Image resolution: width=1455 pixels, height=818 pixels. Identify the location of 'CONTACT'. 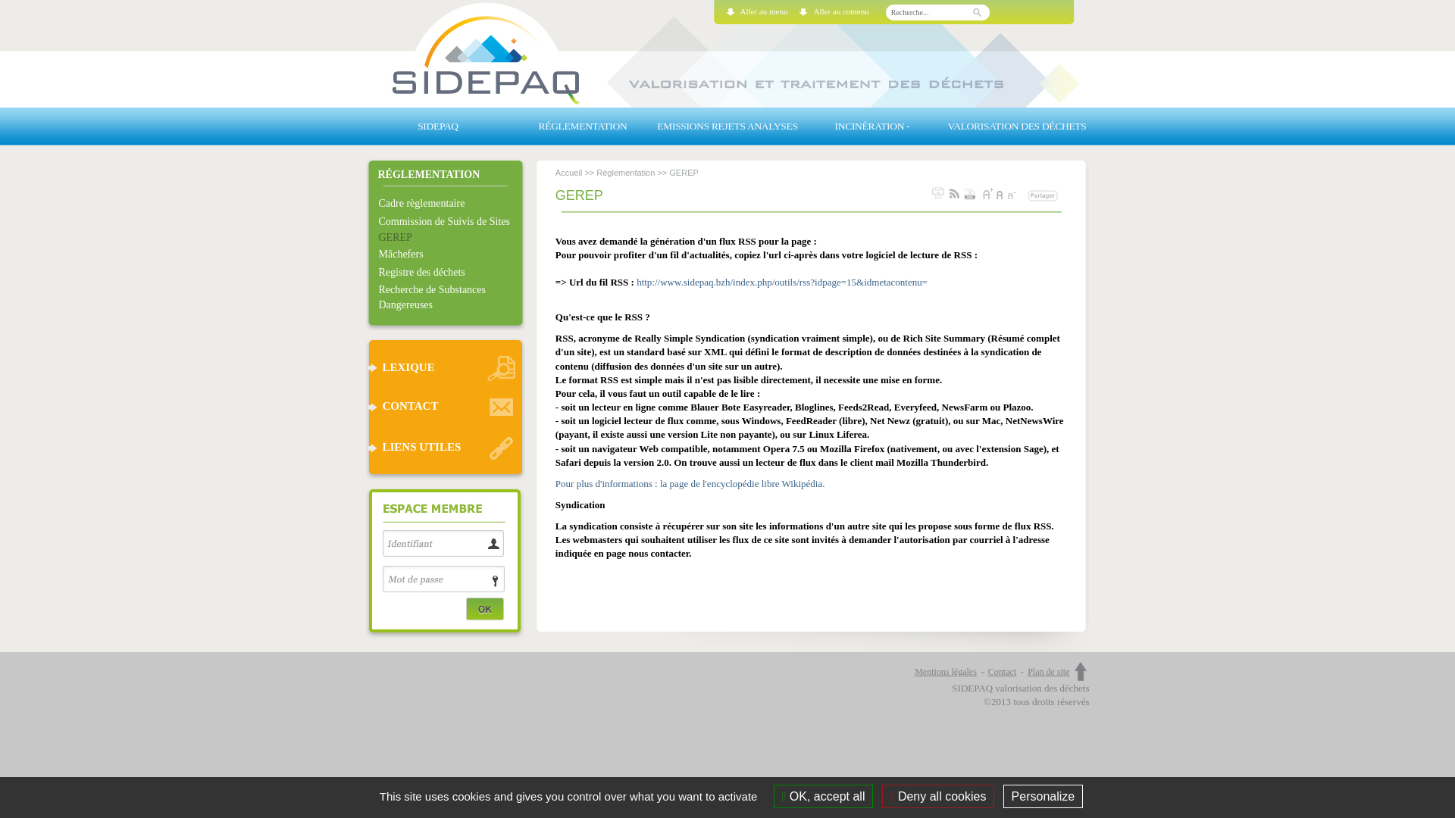
(443, 406).